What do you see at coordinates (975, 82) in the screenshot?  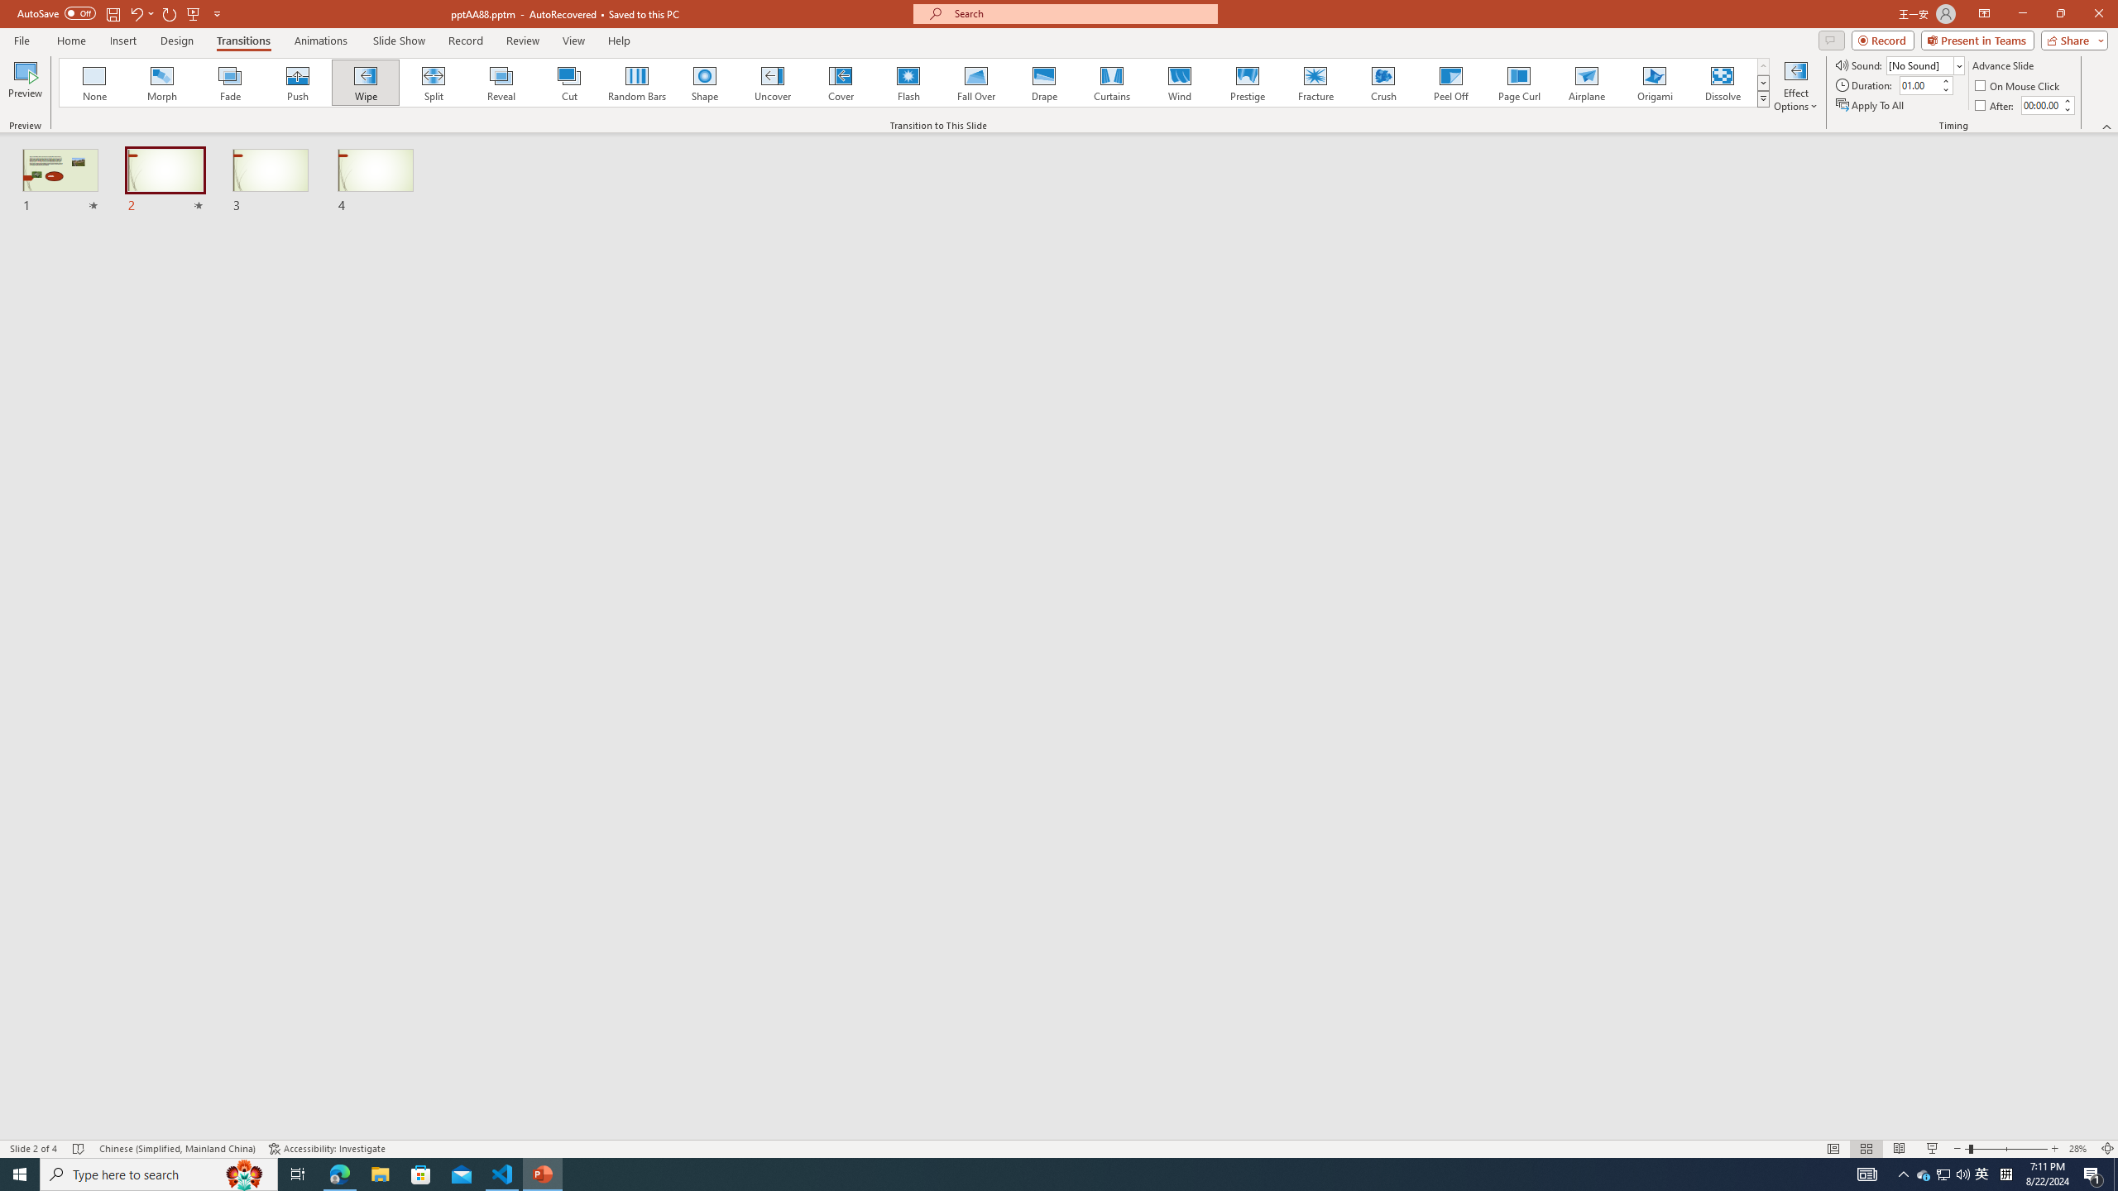 I see `'Fall Over'` at bounding box center [975, 82].